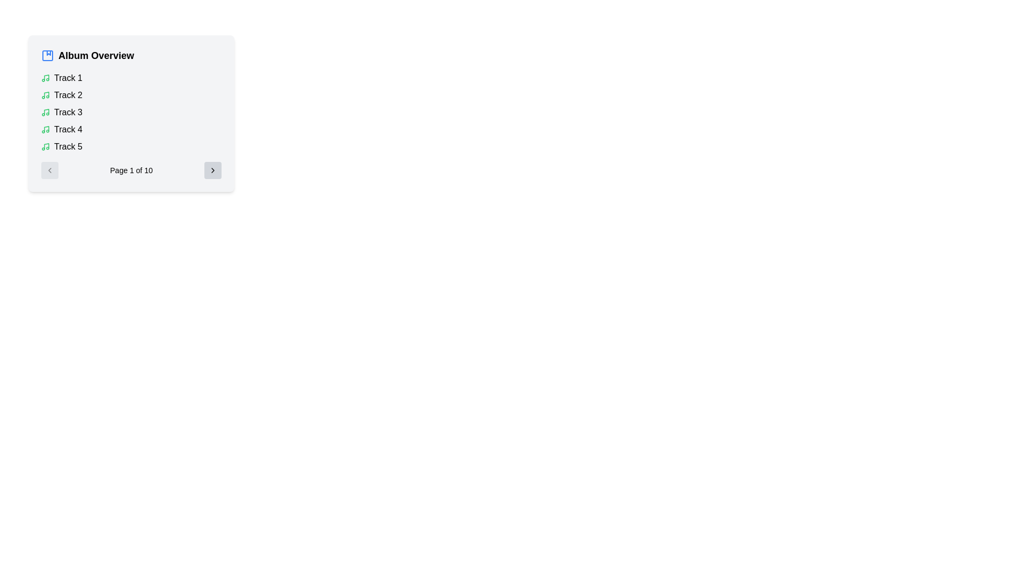 This screenshot has height=579, width=1030. What do you see at coordinates (47, 56) in the screenshot?
I see `the blue album cover icon with a triangular play button, located on the leftmost side of the 'Album Overview' title section` at bounding box center [47, 56].